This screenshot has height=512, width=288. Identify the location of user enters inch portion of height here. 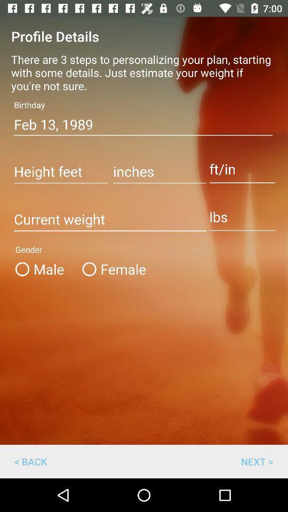
(159, 172).